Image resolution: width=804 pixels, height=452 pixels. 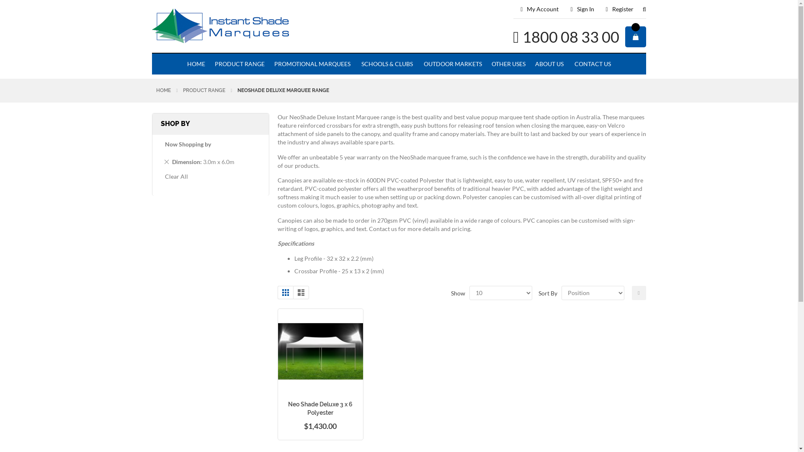 What do you see at coordinates (539, 9) in the screenshot?
I see `'My Account'` at bounding box center [539, 9].